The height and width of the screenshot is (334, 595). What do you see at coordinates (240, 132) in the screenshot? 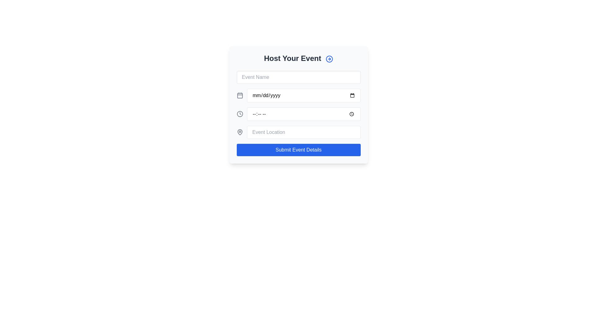
I see `the map location pin icon located on the left boundary of the 'Event Location' input field in the form interface` at bounding box center [240, 132].